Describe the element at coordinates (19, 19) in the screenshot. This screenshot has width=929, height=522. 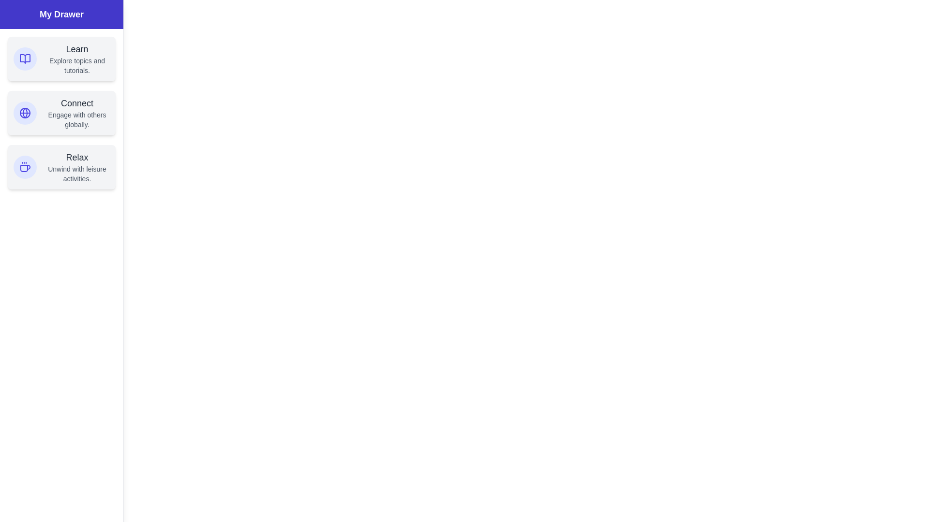
I see `the button with the menu icon to toggle the drawer visibility` at that location.